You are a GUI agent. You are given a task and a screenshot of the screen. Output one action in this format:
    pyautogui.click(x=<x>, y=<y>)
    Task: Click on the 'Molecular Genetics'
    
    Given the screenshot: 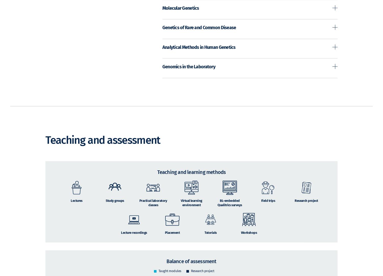 What is the action you would take?
    pyautogui.click(x=180, y=15)
    